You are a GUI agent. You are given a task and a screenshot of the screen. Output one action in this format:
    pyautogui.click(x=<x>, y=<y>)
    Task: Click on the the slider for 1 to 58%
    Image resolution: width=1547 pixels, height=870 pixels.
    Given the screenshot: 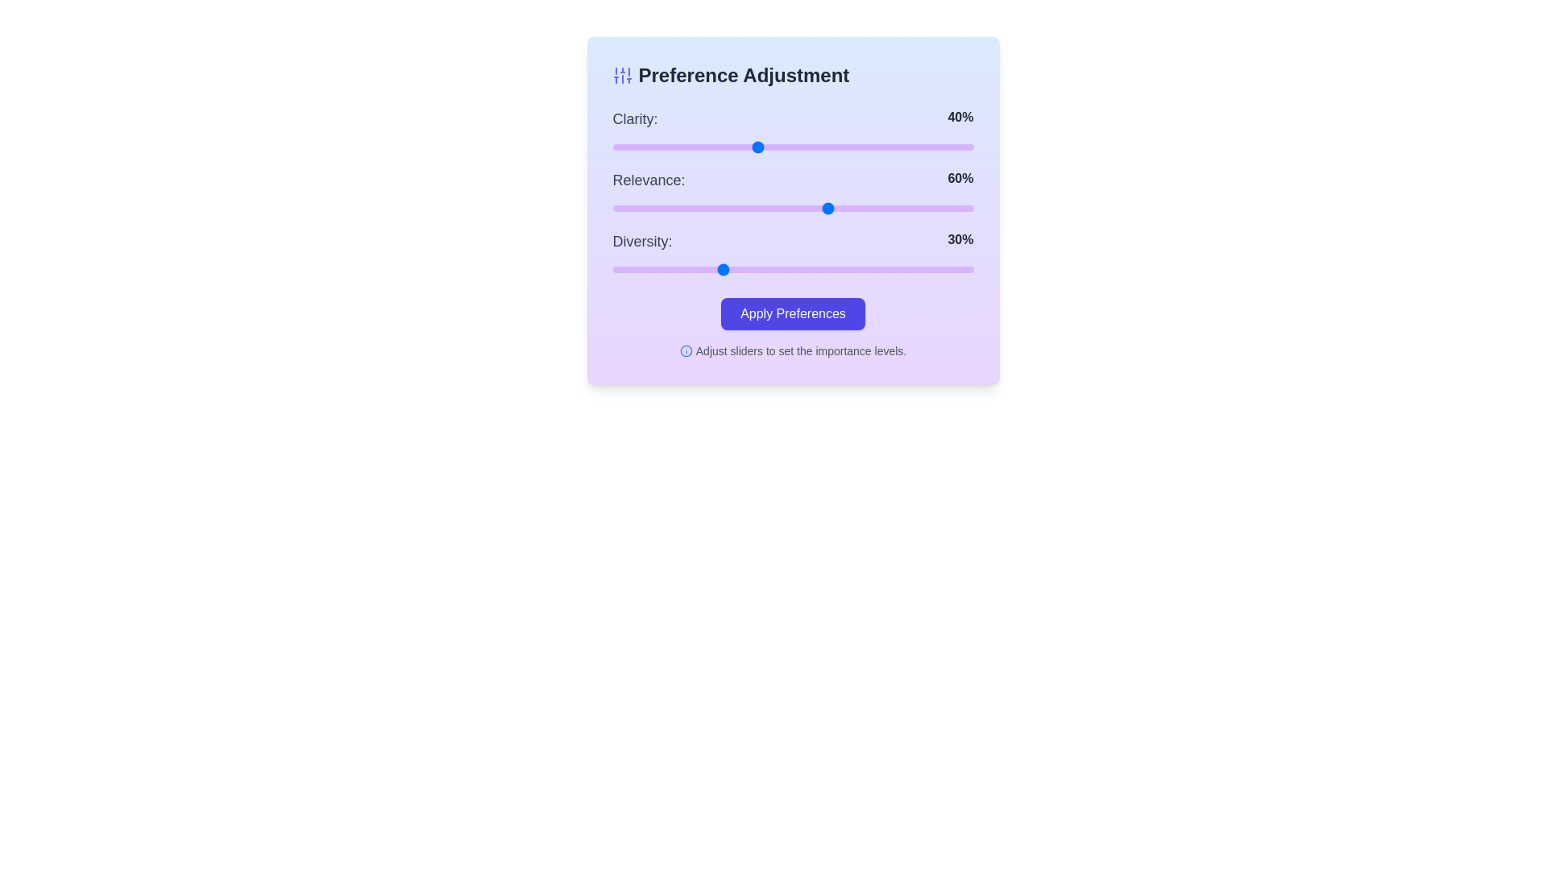 What is the action you would take?
    pyautogui.click(x=822, y=207)
    